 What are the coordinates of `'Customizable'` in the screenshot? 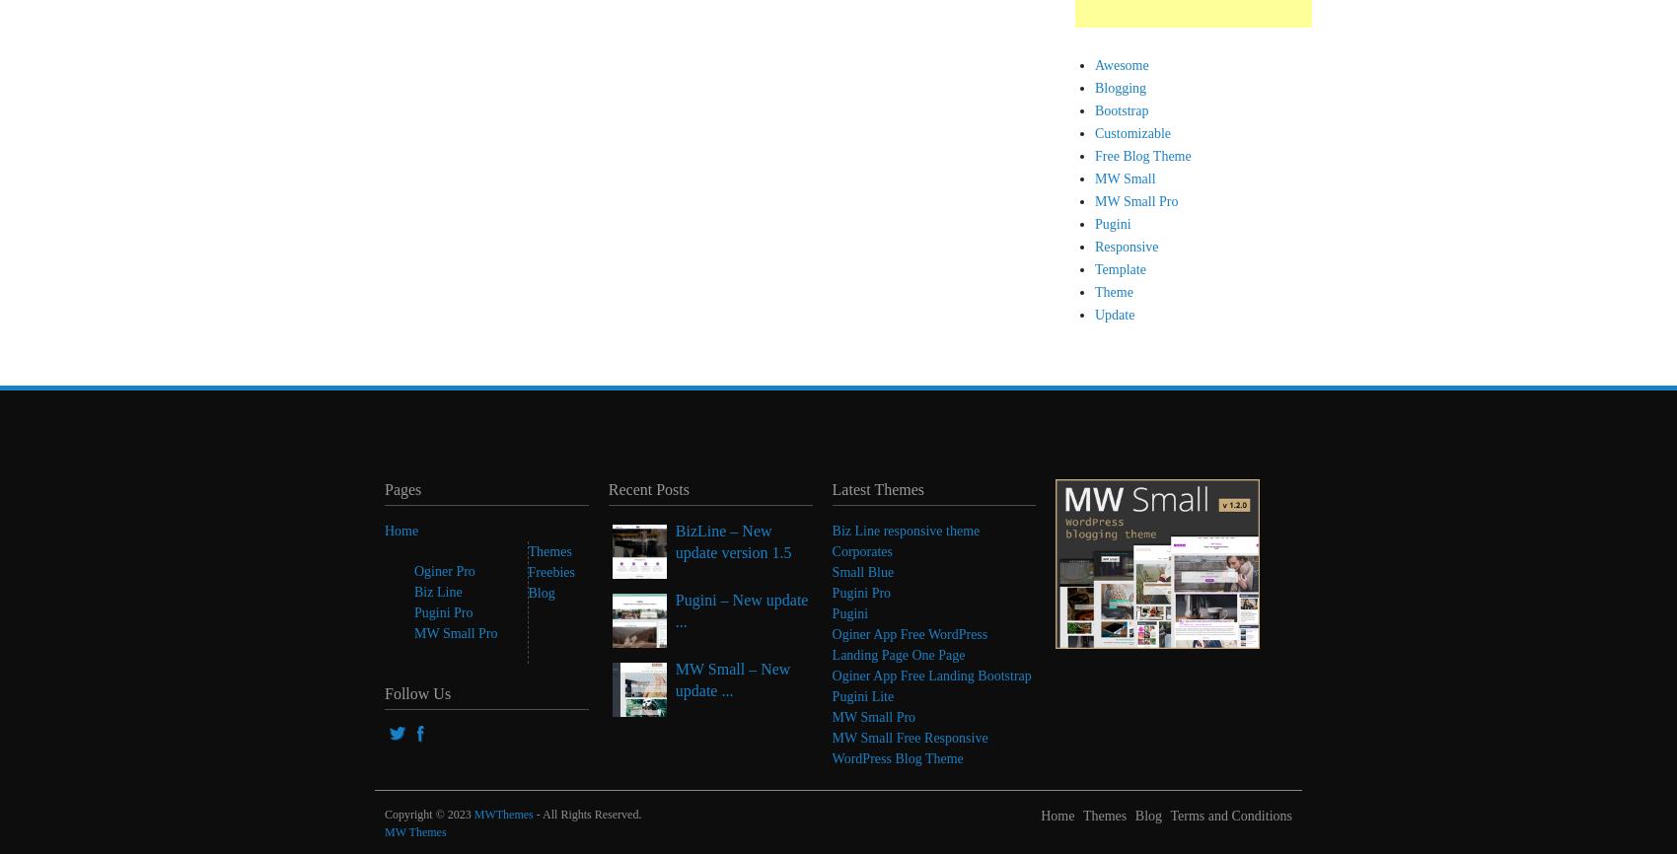 It's located at (1132, 133).